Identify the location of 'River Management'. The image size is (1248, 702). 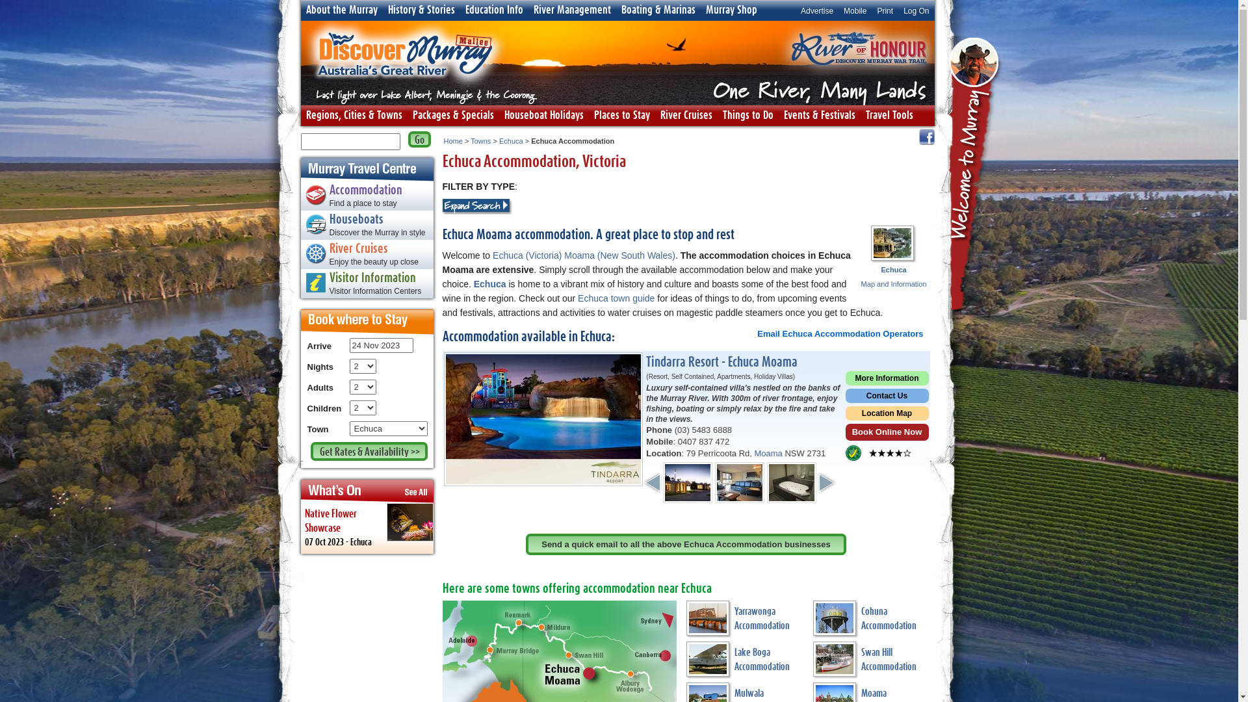
(571, 10).